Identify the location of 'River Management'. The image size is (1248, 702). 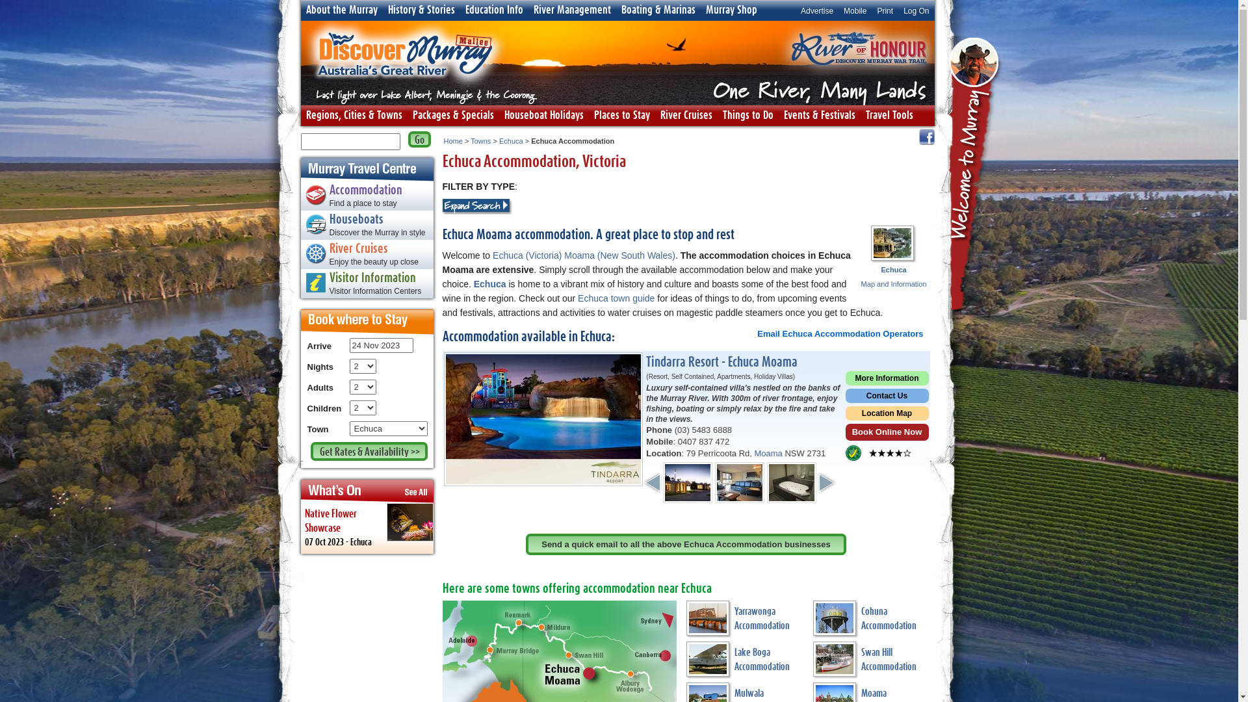
(571, 10).